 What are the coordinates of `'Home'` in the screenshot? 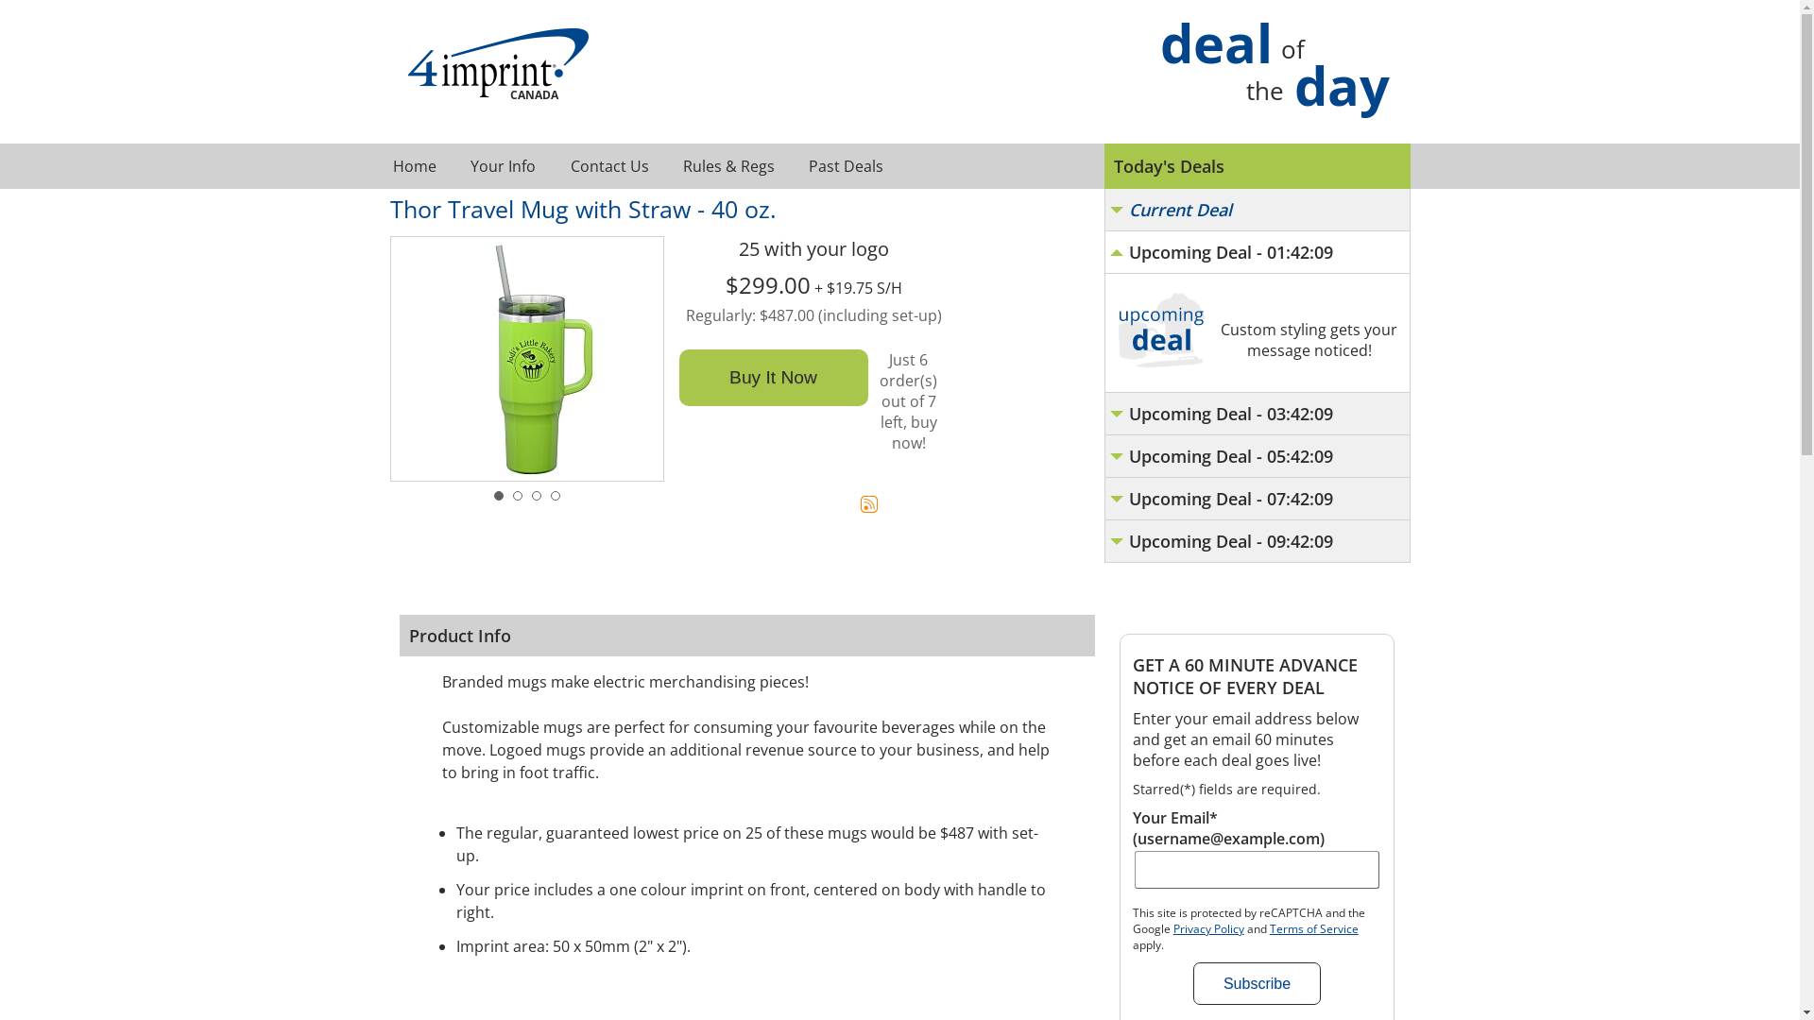 It's located at (412, 165).